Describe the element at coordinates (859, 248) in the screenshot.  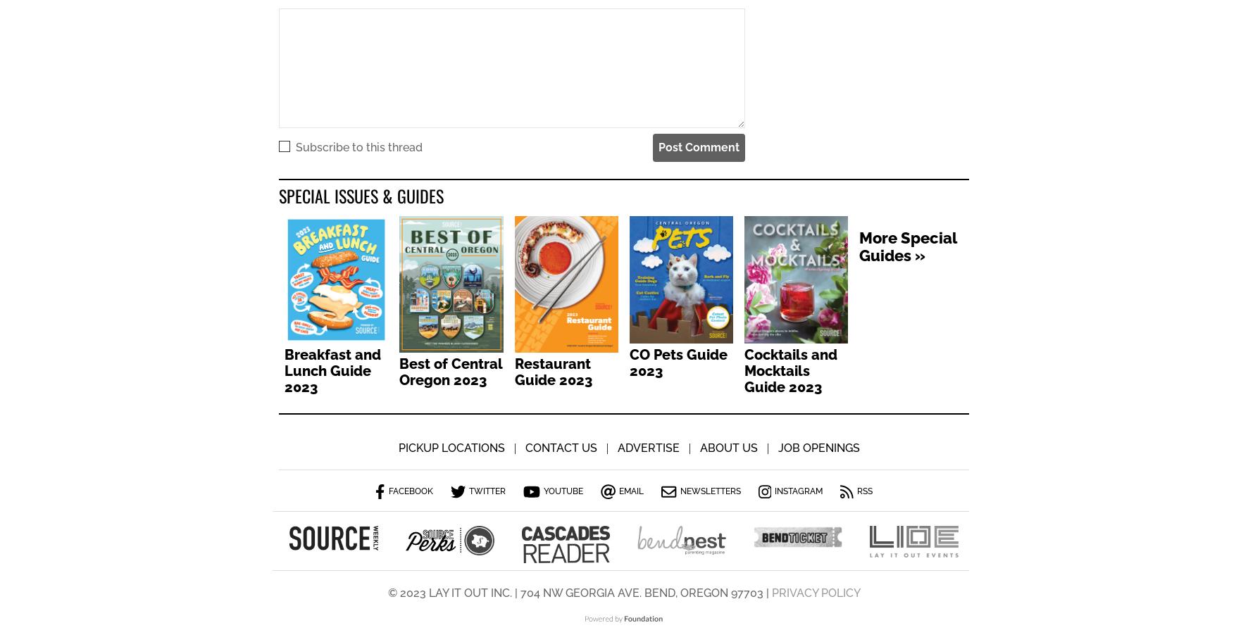
I see `'More Special Guides »'` at that location.